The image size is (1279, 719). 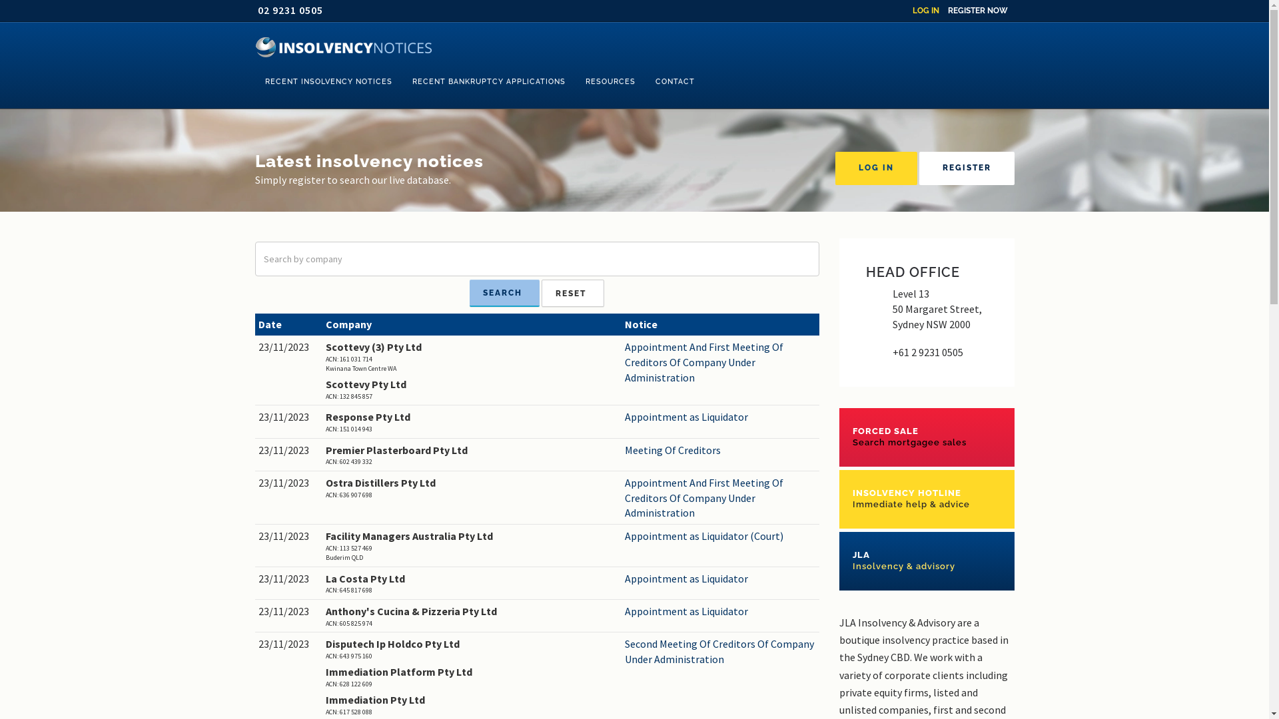 I want to click on 'La Costa Pty Ltd, so click(x=472, y=583).